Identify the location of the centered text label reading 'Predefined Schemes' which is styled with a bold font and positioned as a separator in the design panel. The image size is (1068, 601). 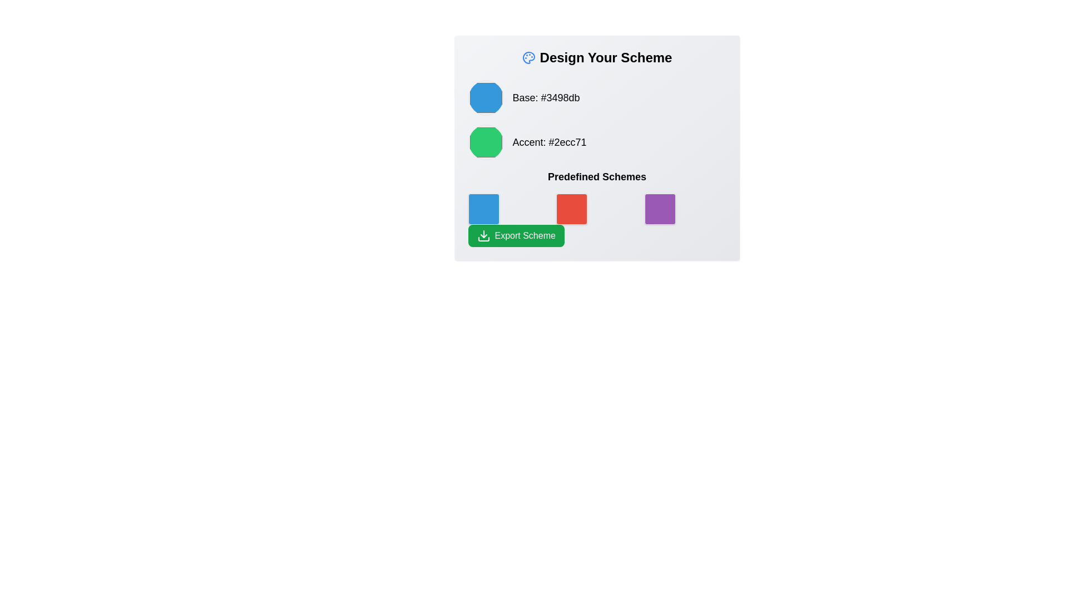
(596, 176).